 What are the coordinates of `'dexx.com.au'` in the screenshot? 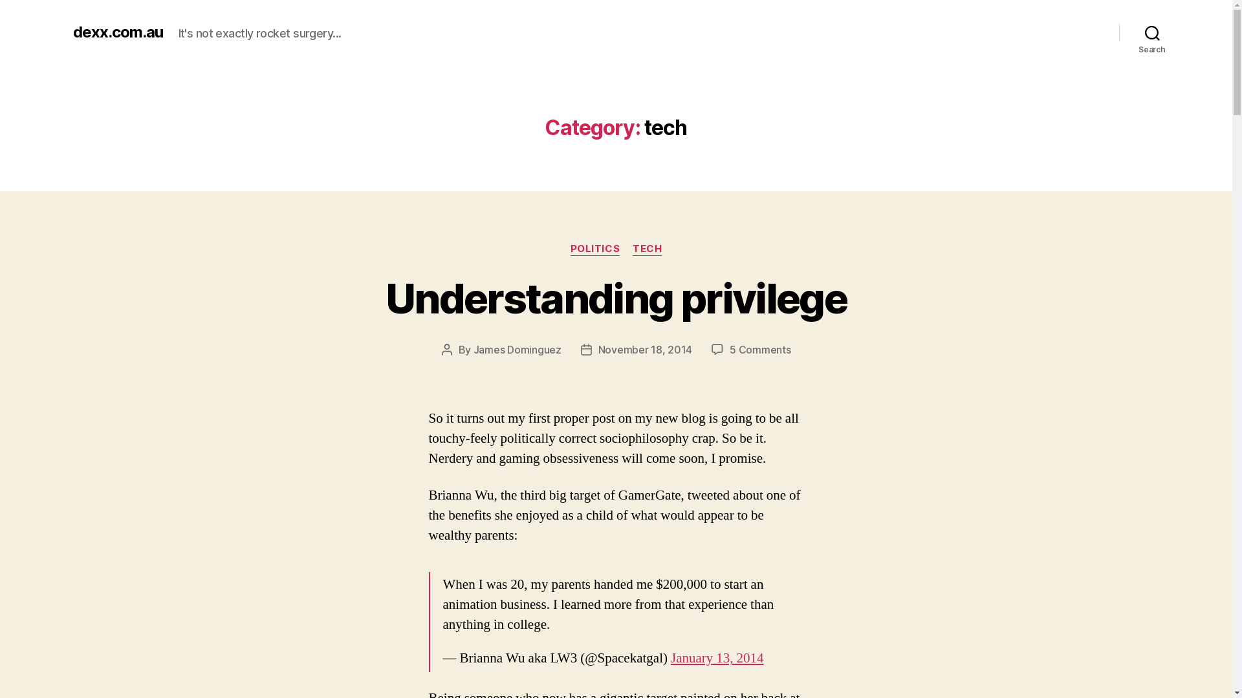 It's located at (71, 32).